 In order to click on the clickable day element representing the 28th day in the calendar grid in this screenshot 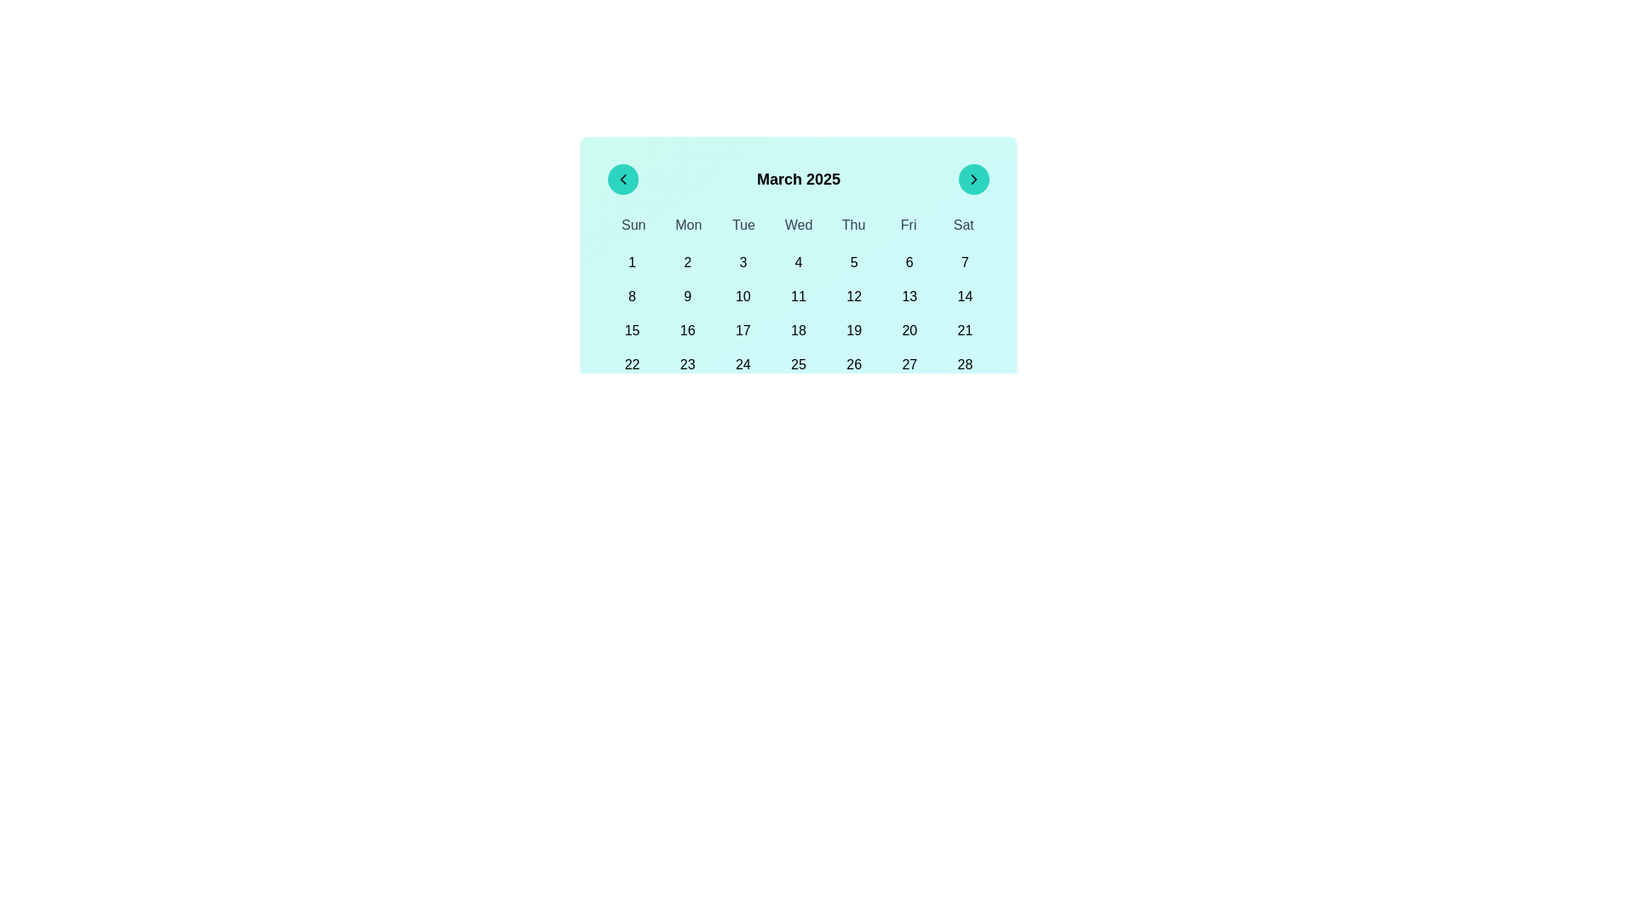, I will do `click(965, 363)`.